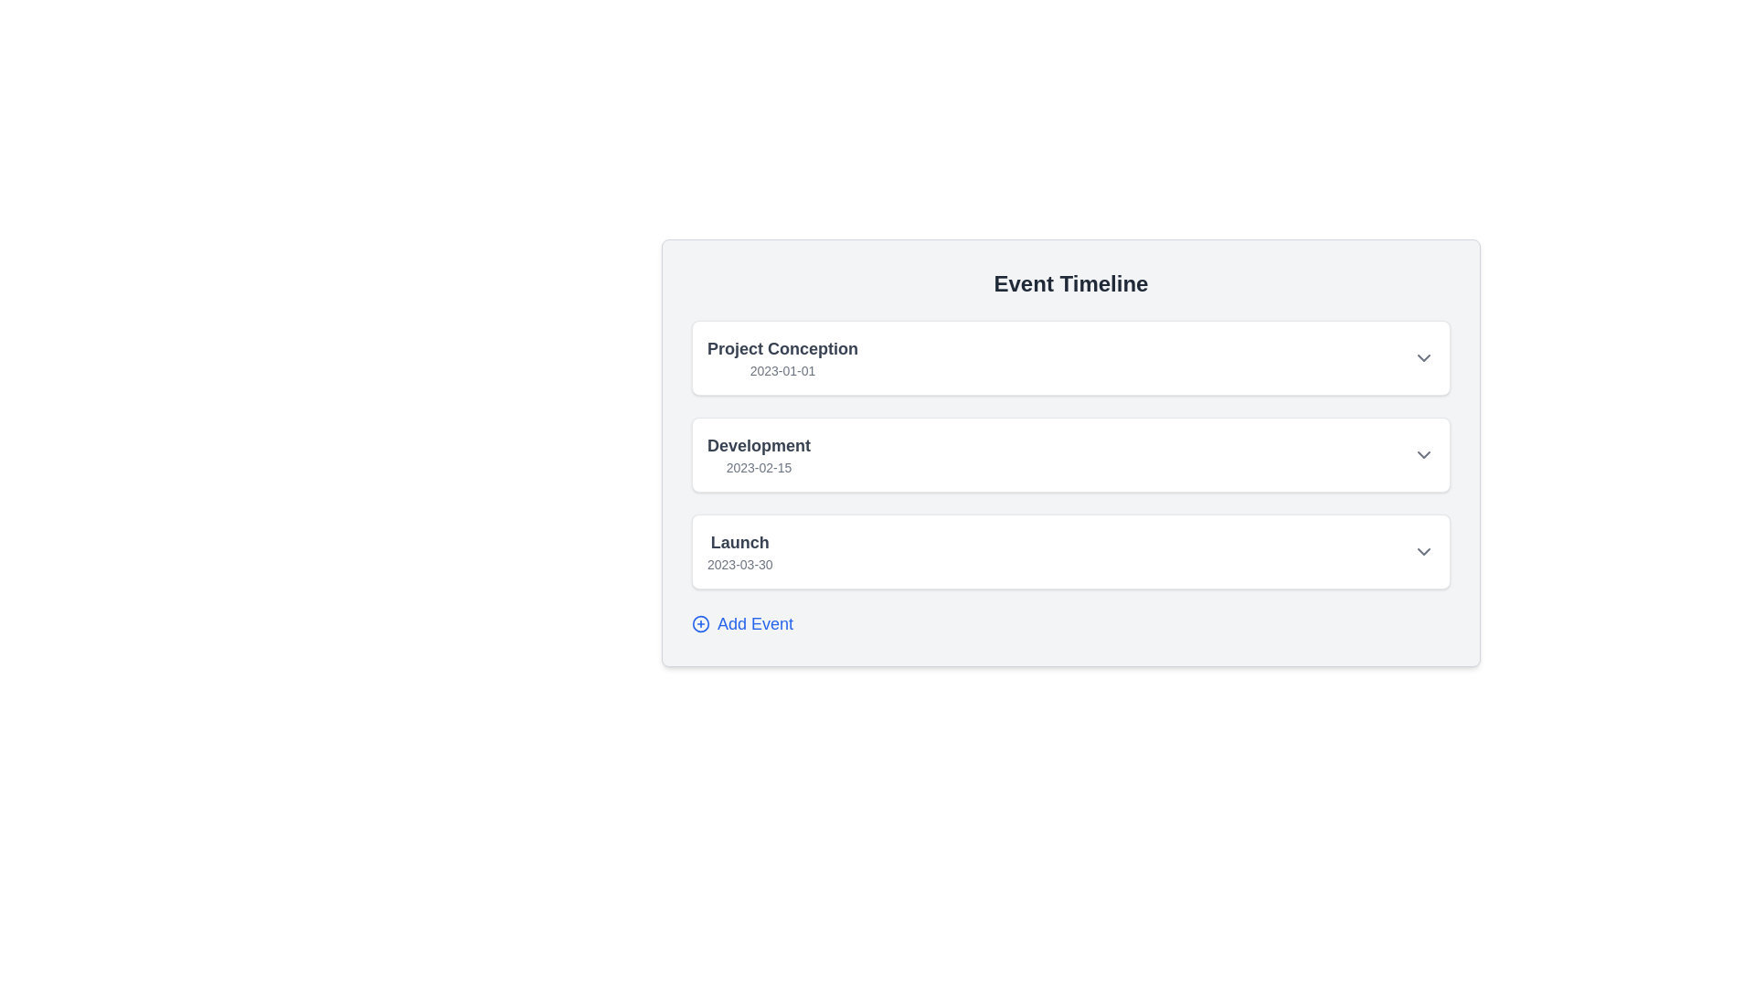 The height and width of the screenshot is (987, 1755). I want to click on the timeline event labeled 'Launch' with the date '2023-03-30', so click(1070, 551).